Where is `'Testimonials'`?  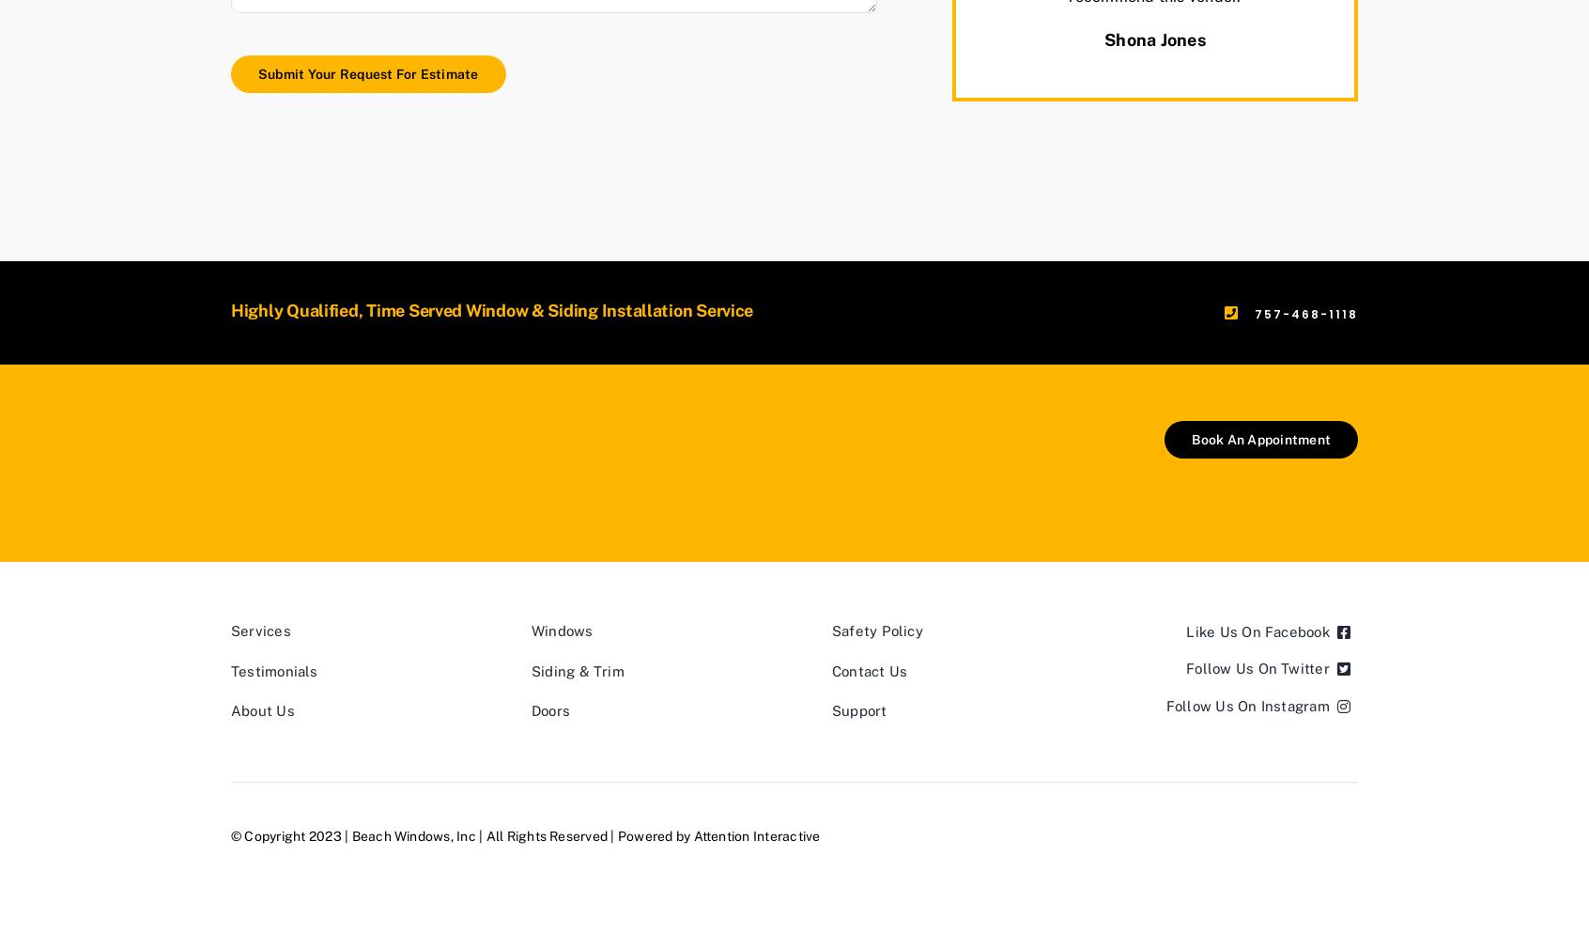
'Testimonials' is located at coordinates (273, 670).